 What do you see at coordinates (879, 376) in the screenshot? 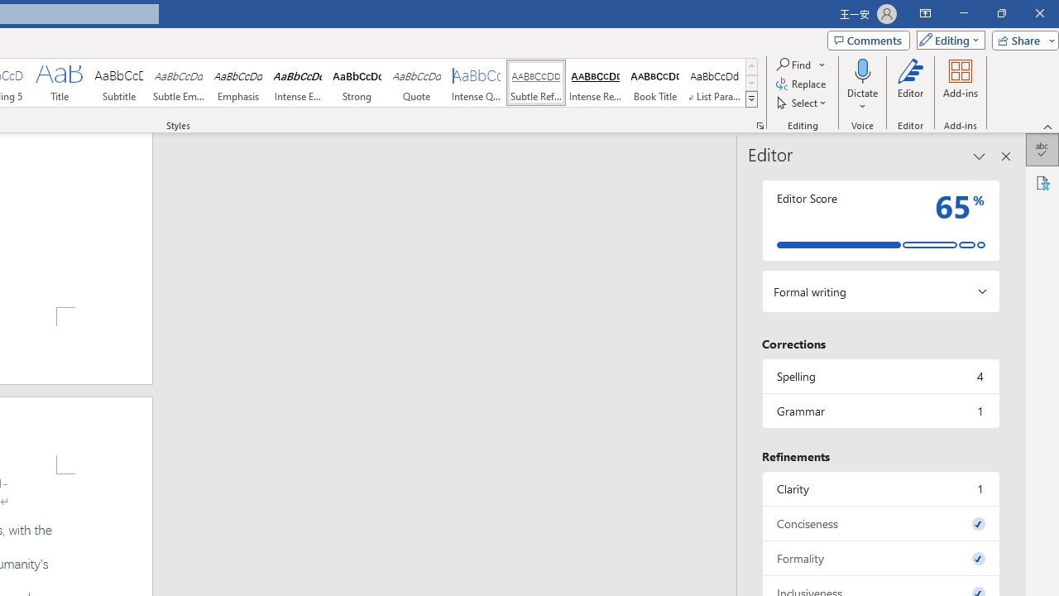
I see `'Spelling, 4 issues. Press space or enter to review items.'` at bounding box center [879, 376].